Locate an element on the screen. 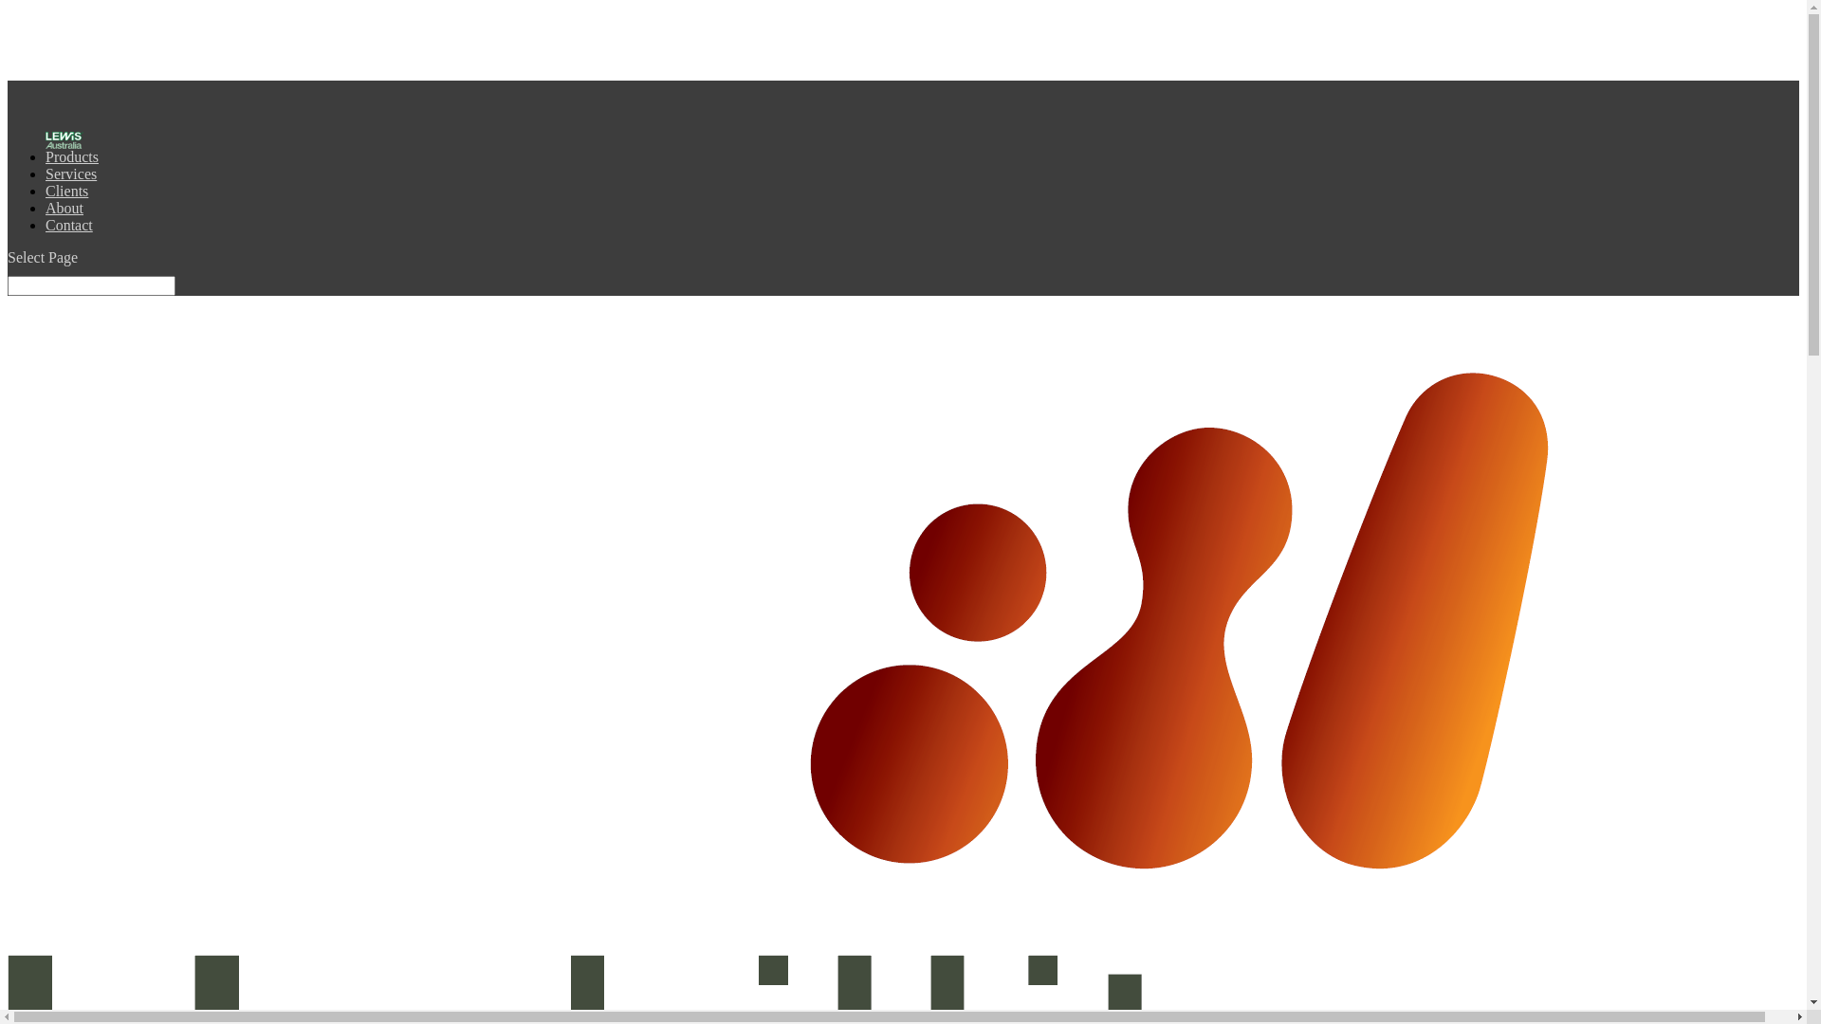 Image resolution: width=1821 pixels, height=1024 pixels. 'About' is located at coordinates (64, 218).